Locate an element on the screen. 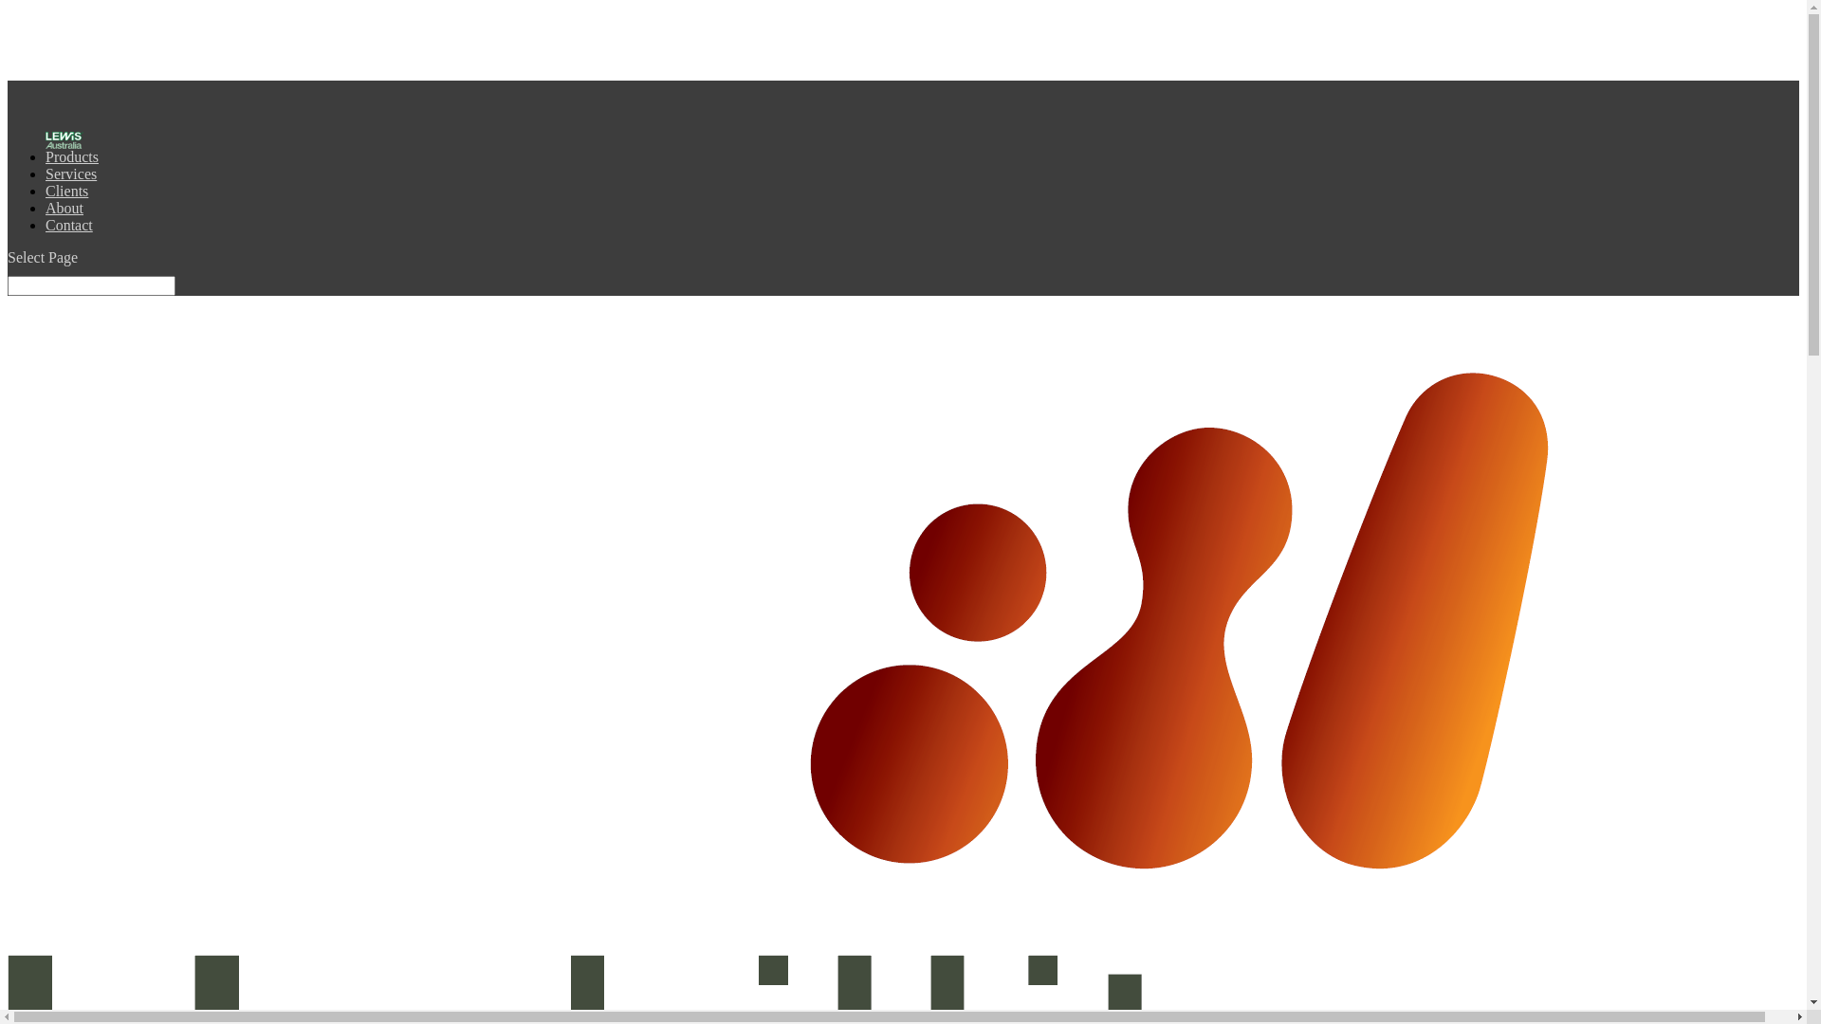 Image resolution: width=1821 pixels, height=1024 pixels. 'About' is located at coordinates (64, 218).